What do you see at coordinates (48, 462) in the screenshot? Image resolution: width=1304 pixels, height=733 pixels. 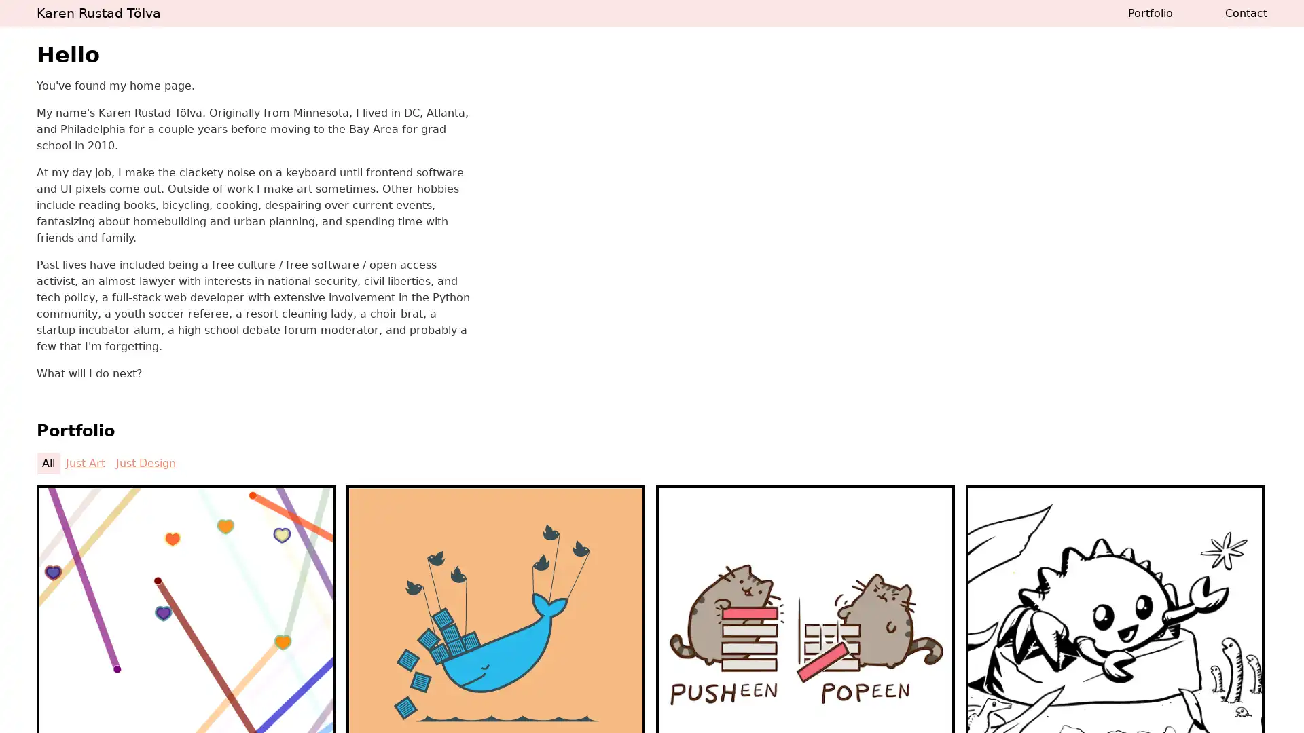 I see `All` at bounding box center [48, 462].